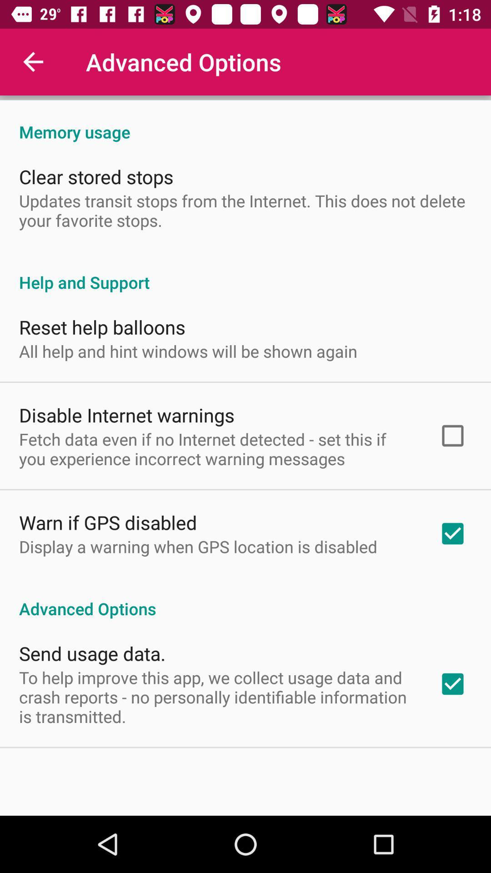 The image size is (491, 873). What do you see at coordinates (107, 522) in the screenshot?
I see `item above the display a warning item` at bounding box center [107, 522].